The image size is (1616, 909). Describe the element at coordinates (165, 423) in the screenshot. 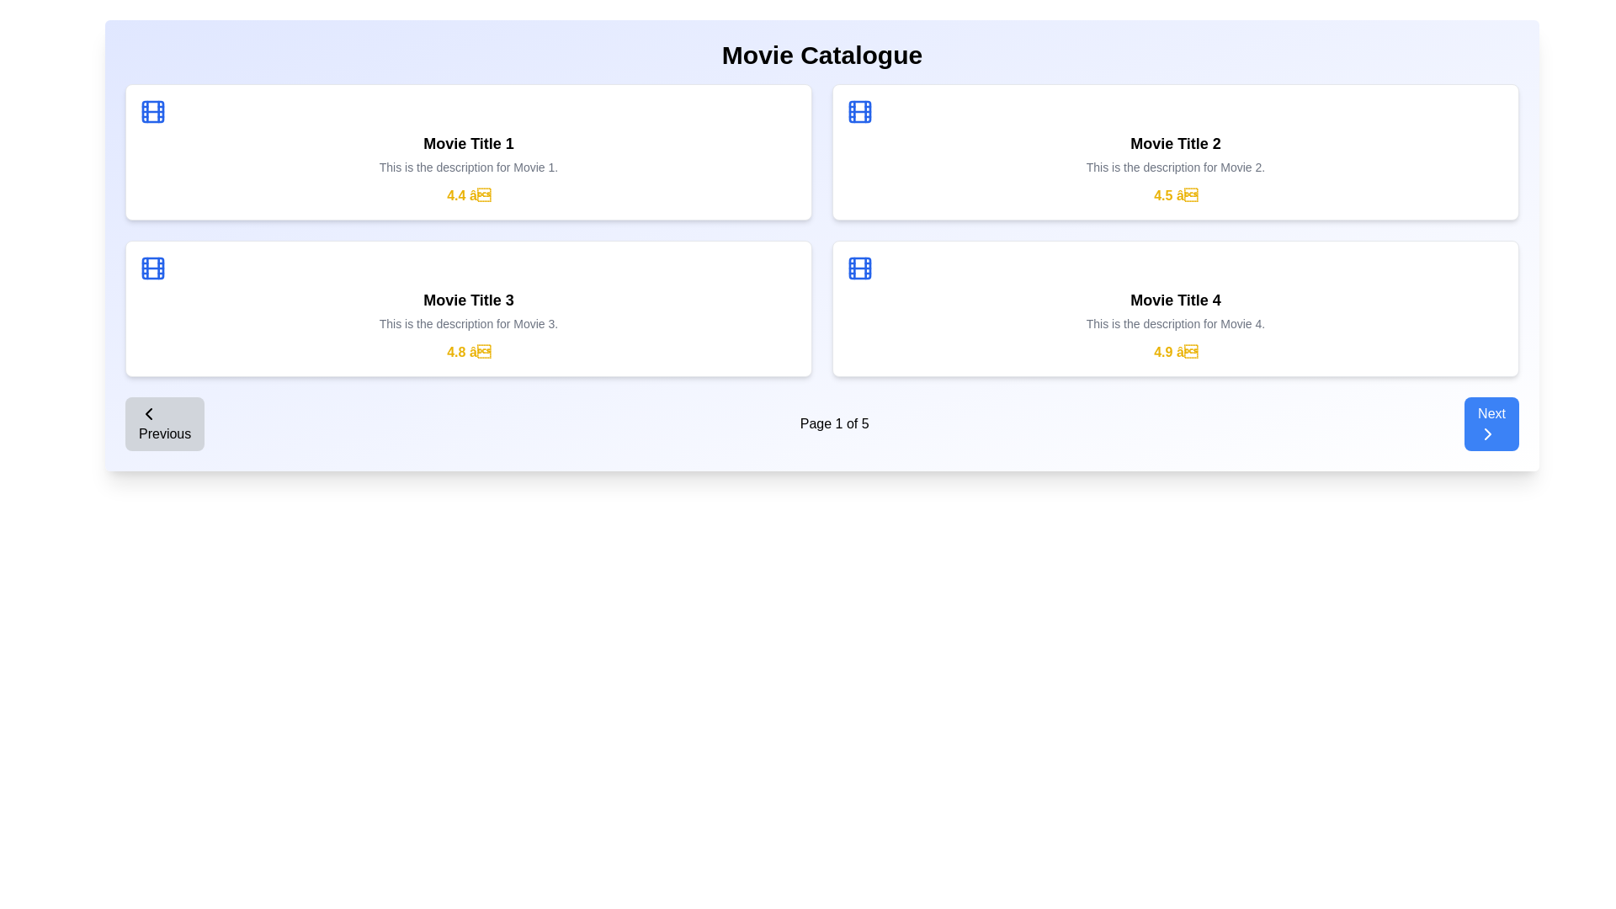

I see `the 'Previous' button, which is a rectangular button with rounded corners, gray background, and bold black text` at that location.